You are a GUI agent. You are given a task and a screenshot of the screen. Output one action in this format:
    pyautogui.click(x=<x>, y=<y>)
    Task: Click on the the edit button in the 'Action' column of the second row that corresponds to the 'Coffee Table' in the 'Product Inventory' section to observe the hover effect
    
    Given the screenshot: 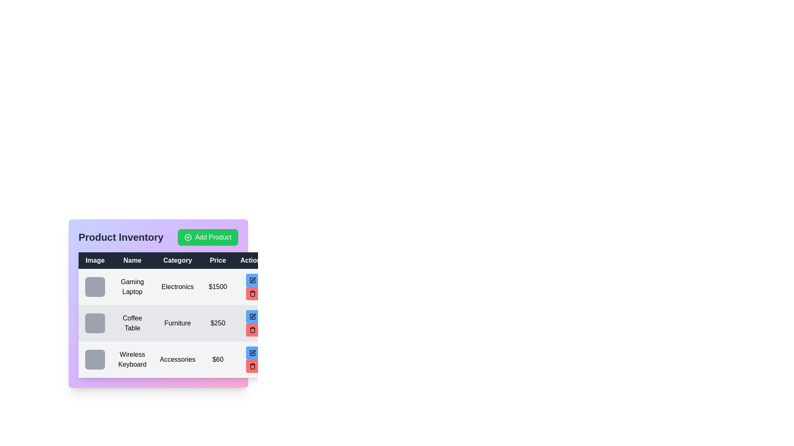 What is the action you would take?
    pyautogui.click(x=252, y=316)
    